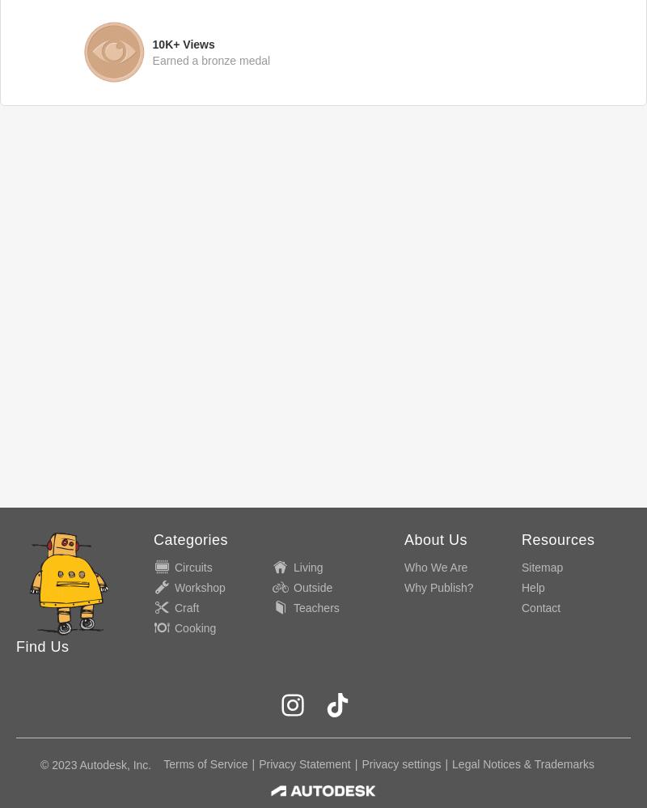  Describe the element at coordinates (303, 764) in the screenshot. I see `'Privacy Statement'` at that location.